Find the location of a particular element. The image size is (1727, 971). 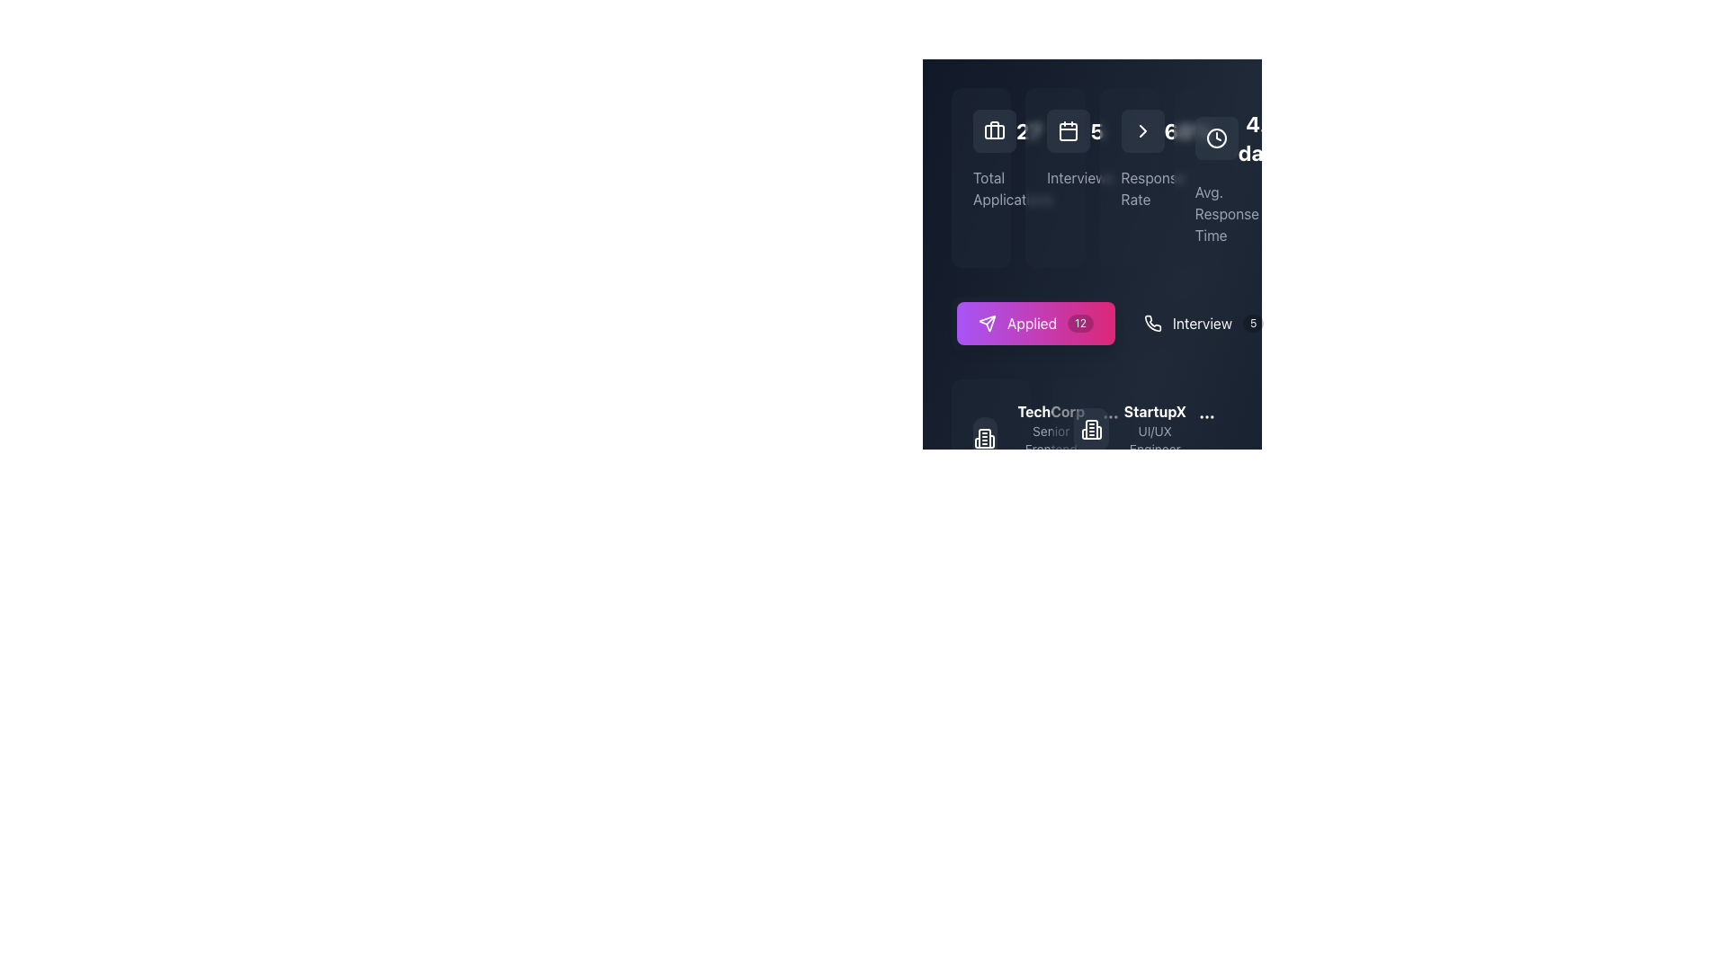

the circular dark gray icon resembling an analog clock, located immediately to the left of the text '4.2 days' in the average response time section is located at coordinates (1216, 138).